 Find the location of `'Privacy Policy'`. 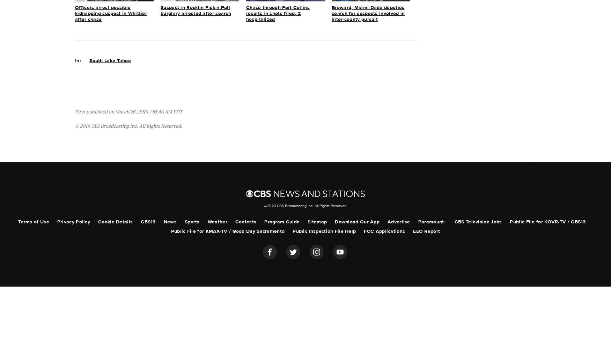

'Privacy Policy' is located at coordinates (73, 222).